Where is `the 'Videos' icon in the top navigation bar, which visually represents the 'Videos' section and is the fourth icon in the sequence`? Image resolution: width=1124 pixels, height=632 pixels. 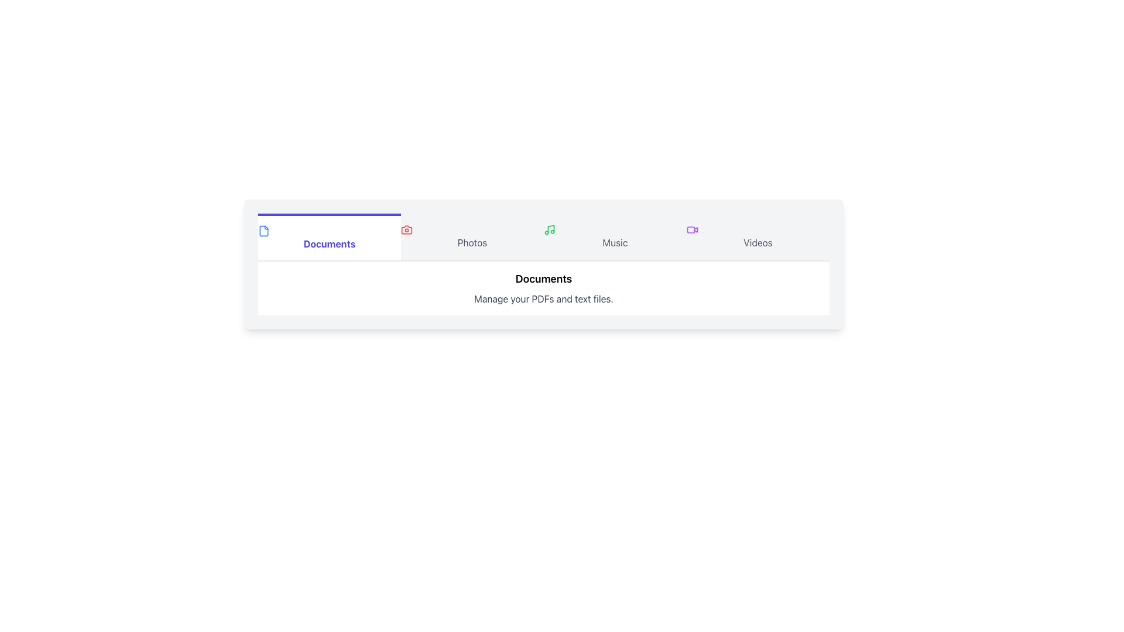 the 'Videos' icon in the top navigation bar, which visually represents the 'Videos' section and is the fourth icon in the sequence is located at coordinates (692, 230).